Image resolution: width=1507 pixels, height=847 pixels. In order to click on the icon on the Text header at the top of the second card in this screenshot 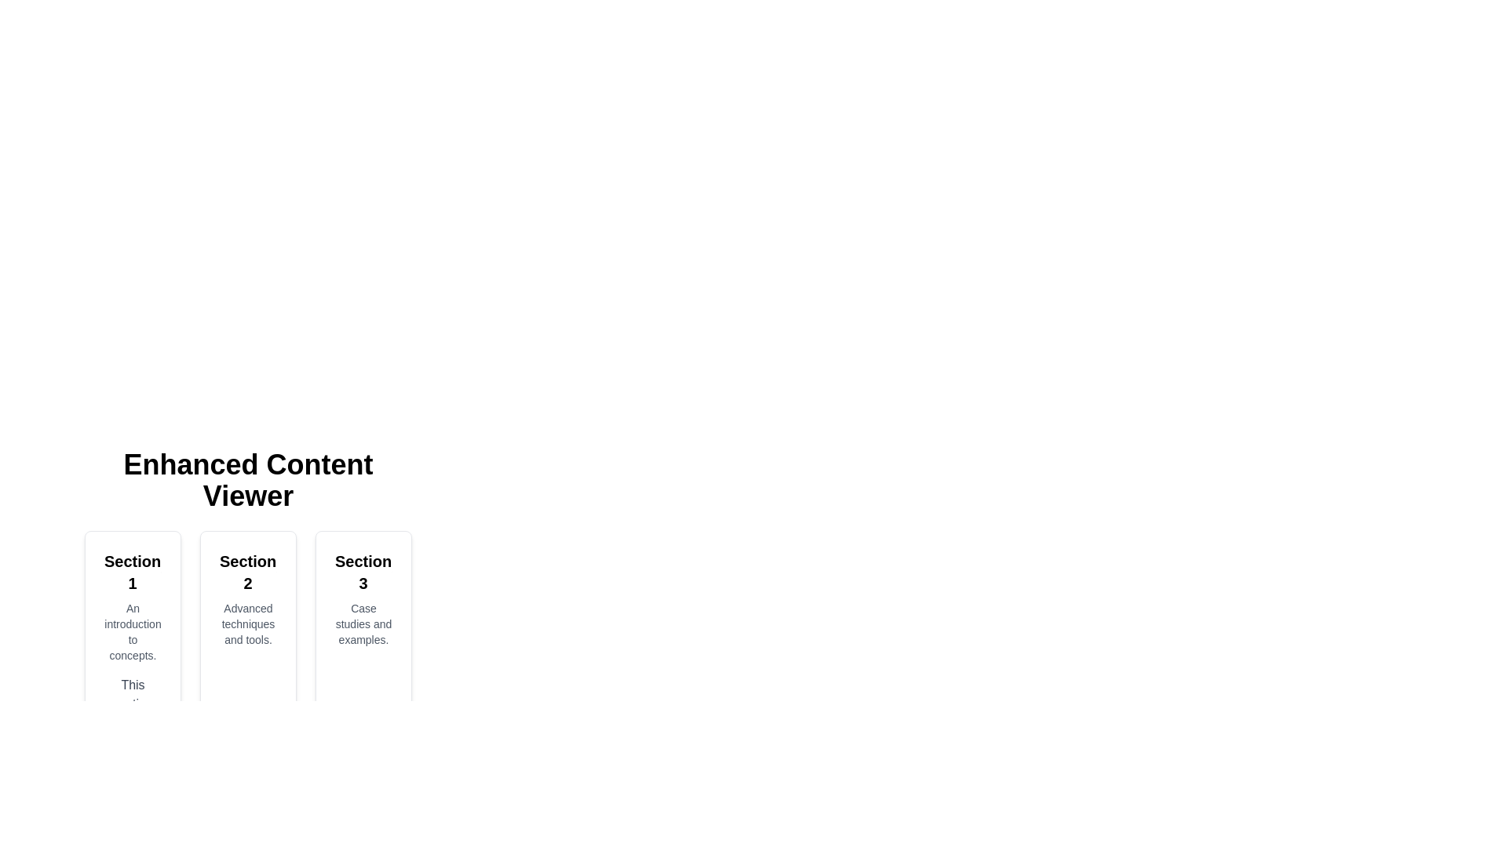, I will do `click(247, 572)`.